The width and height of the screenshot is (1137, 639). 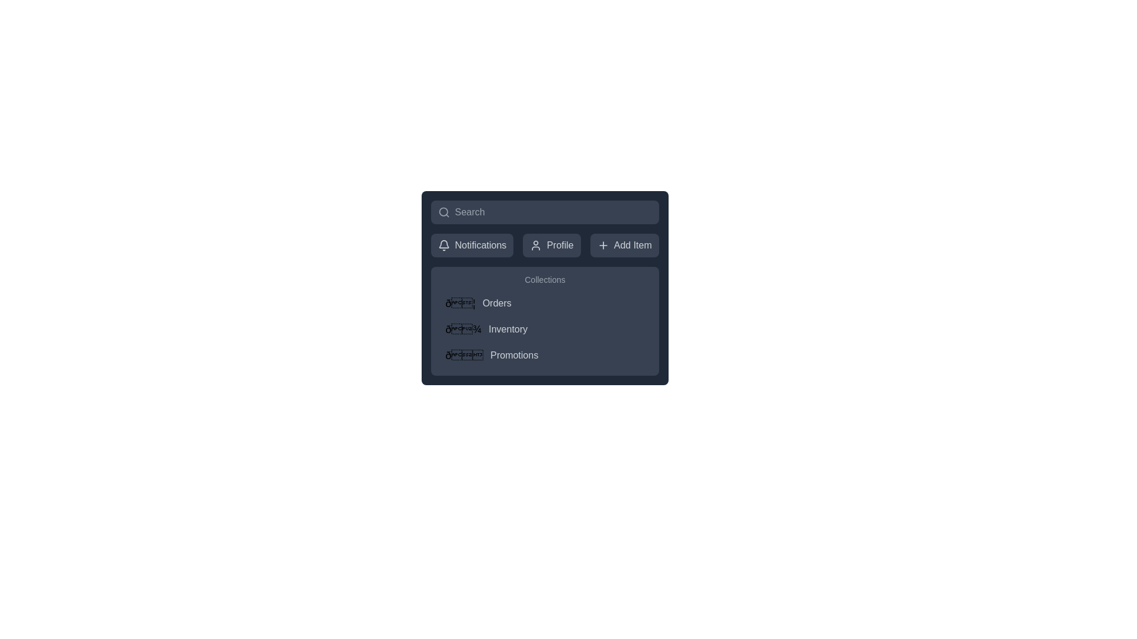 I want to click on the 'Inventory' icon located to the left of the text label 'Inventory' in the menu interface, so click(x=462, y=329).